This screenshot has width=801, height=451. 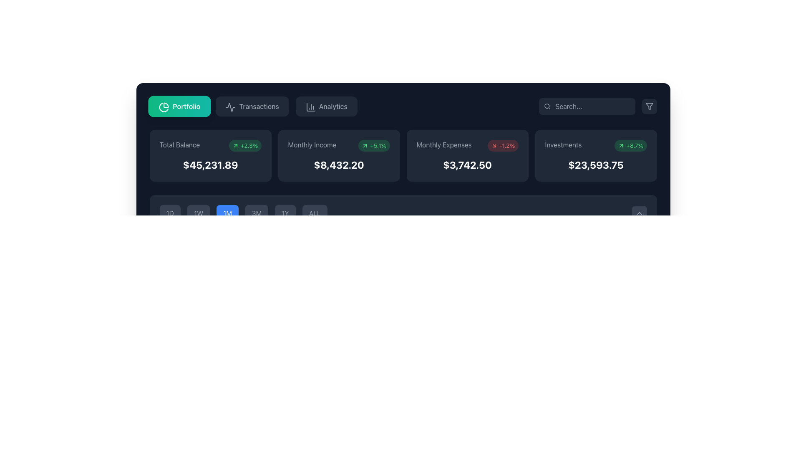 What do you see at coordinates (252, 106) in the screenshot?
I see `the 'Transactions' button, which is a rectangular button with a dark gray background and light gray text, located at the top center of the interface between the 'Portfolio' and 'Analytics' buttons, to trigger visual changes` at bounding box center [252, 106].